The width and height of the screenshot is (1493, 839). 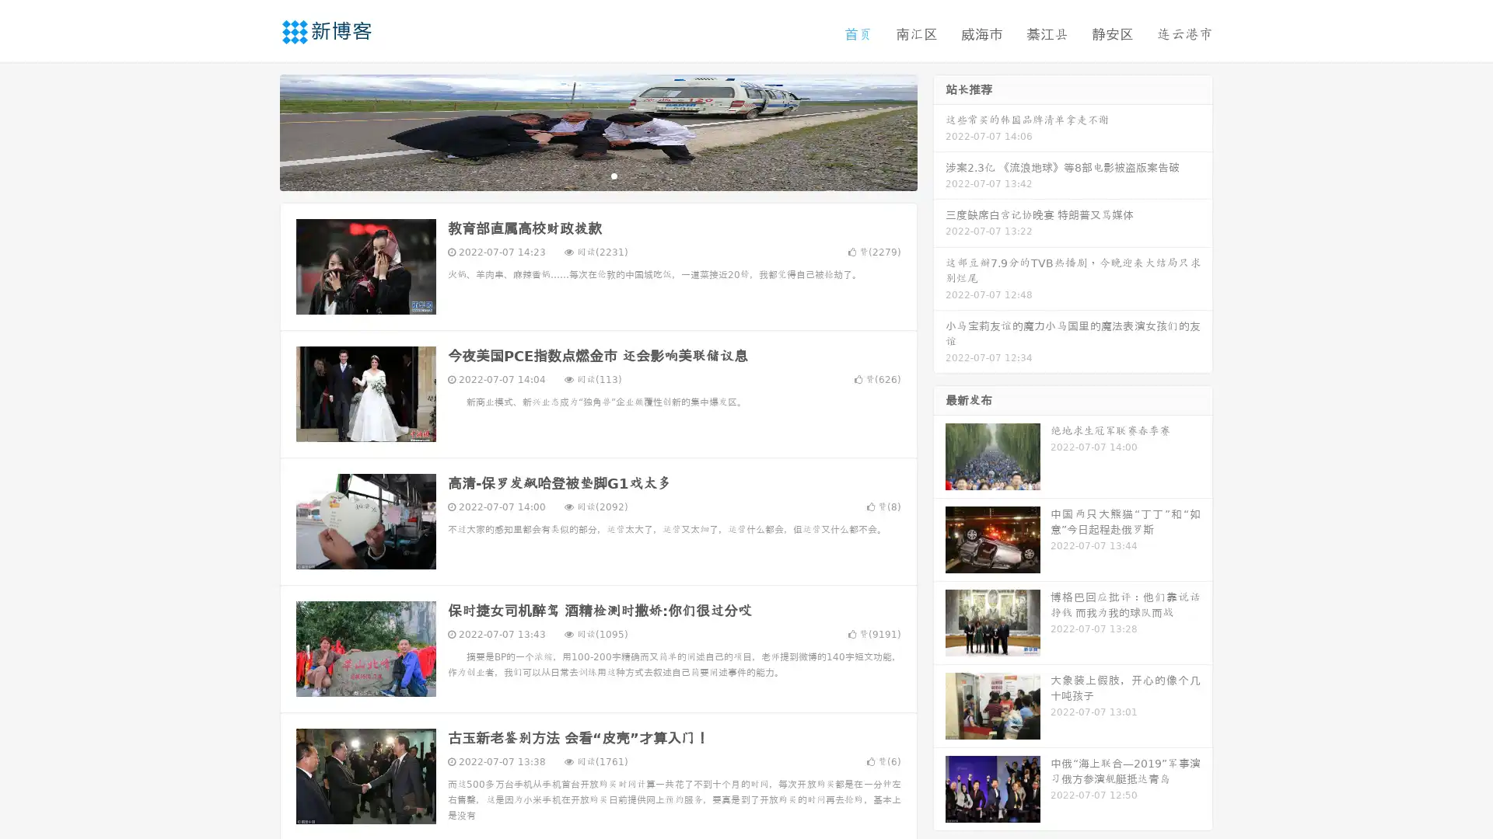 I want to click on Previous slide, so click(x=257, y=131).